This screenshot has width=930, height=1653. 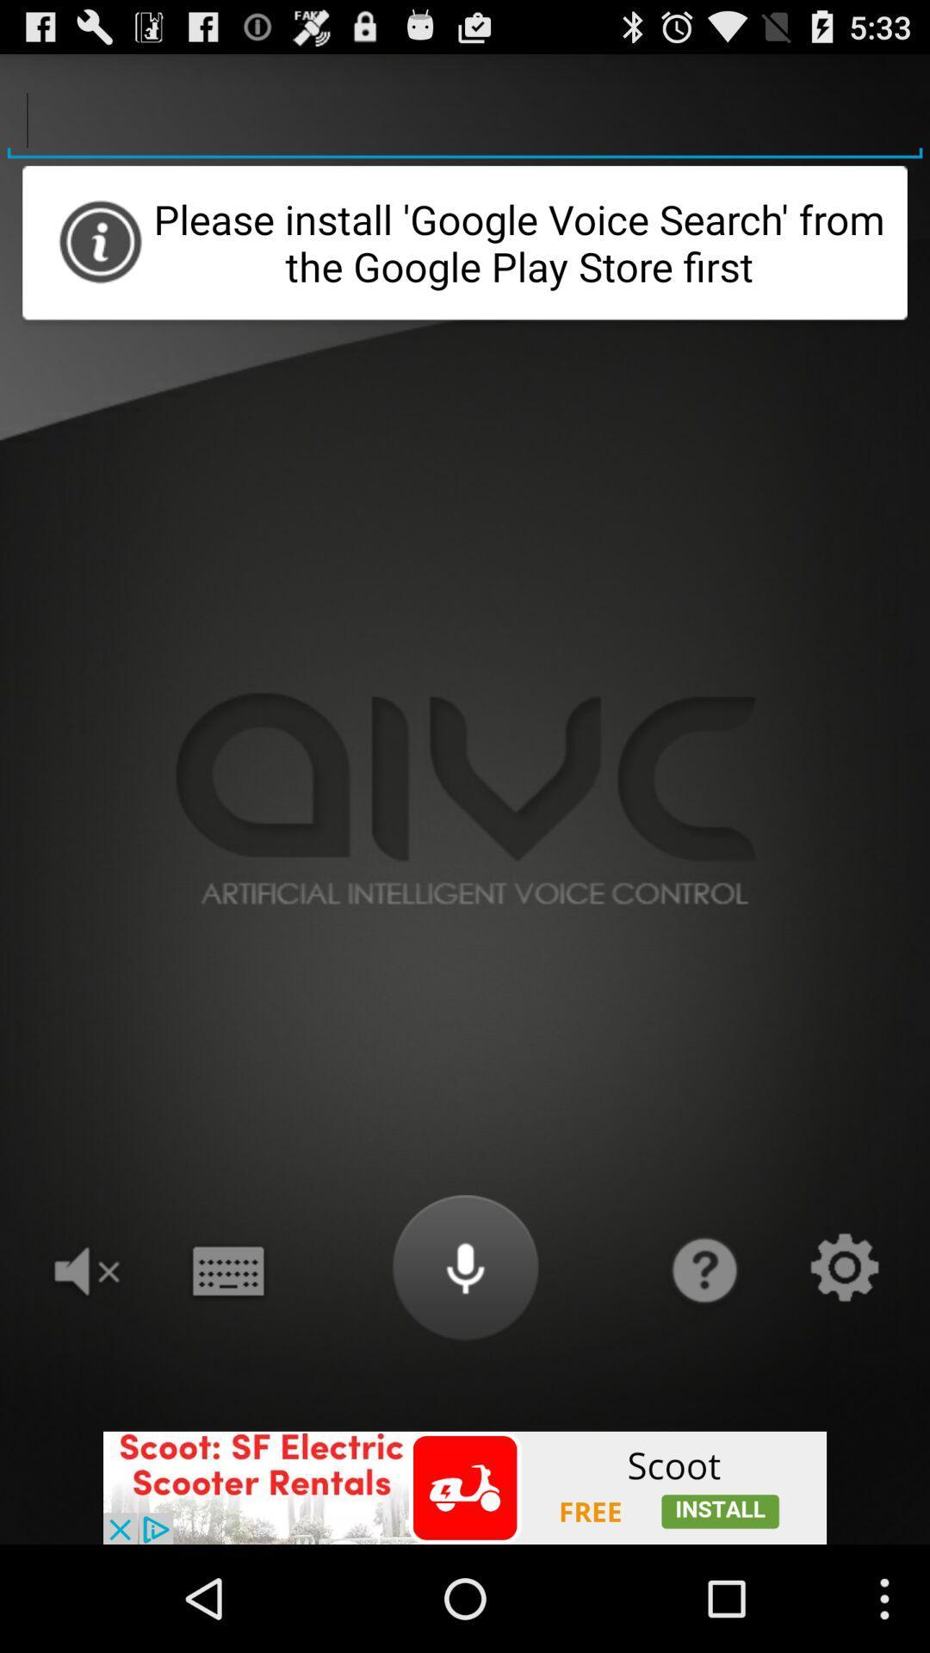 I want to click on advertisement, so click(x=465, y=1487).